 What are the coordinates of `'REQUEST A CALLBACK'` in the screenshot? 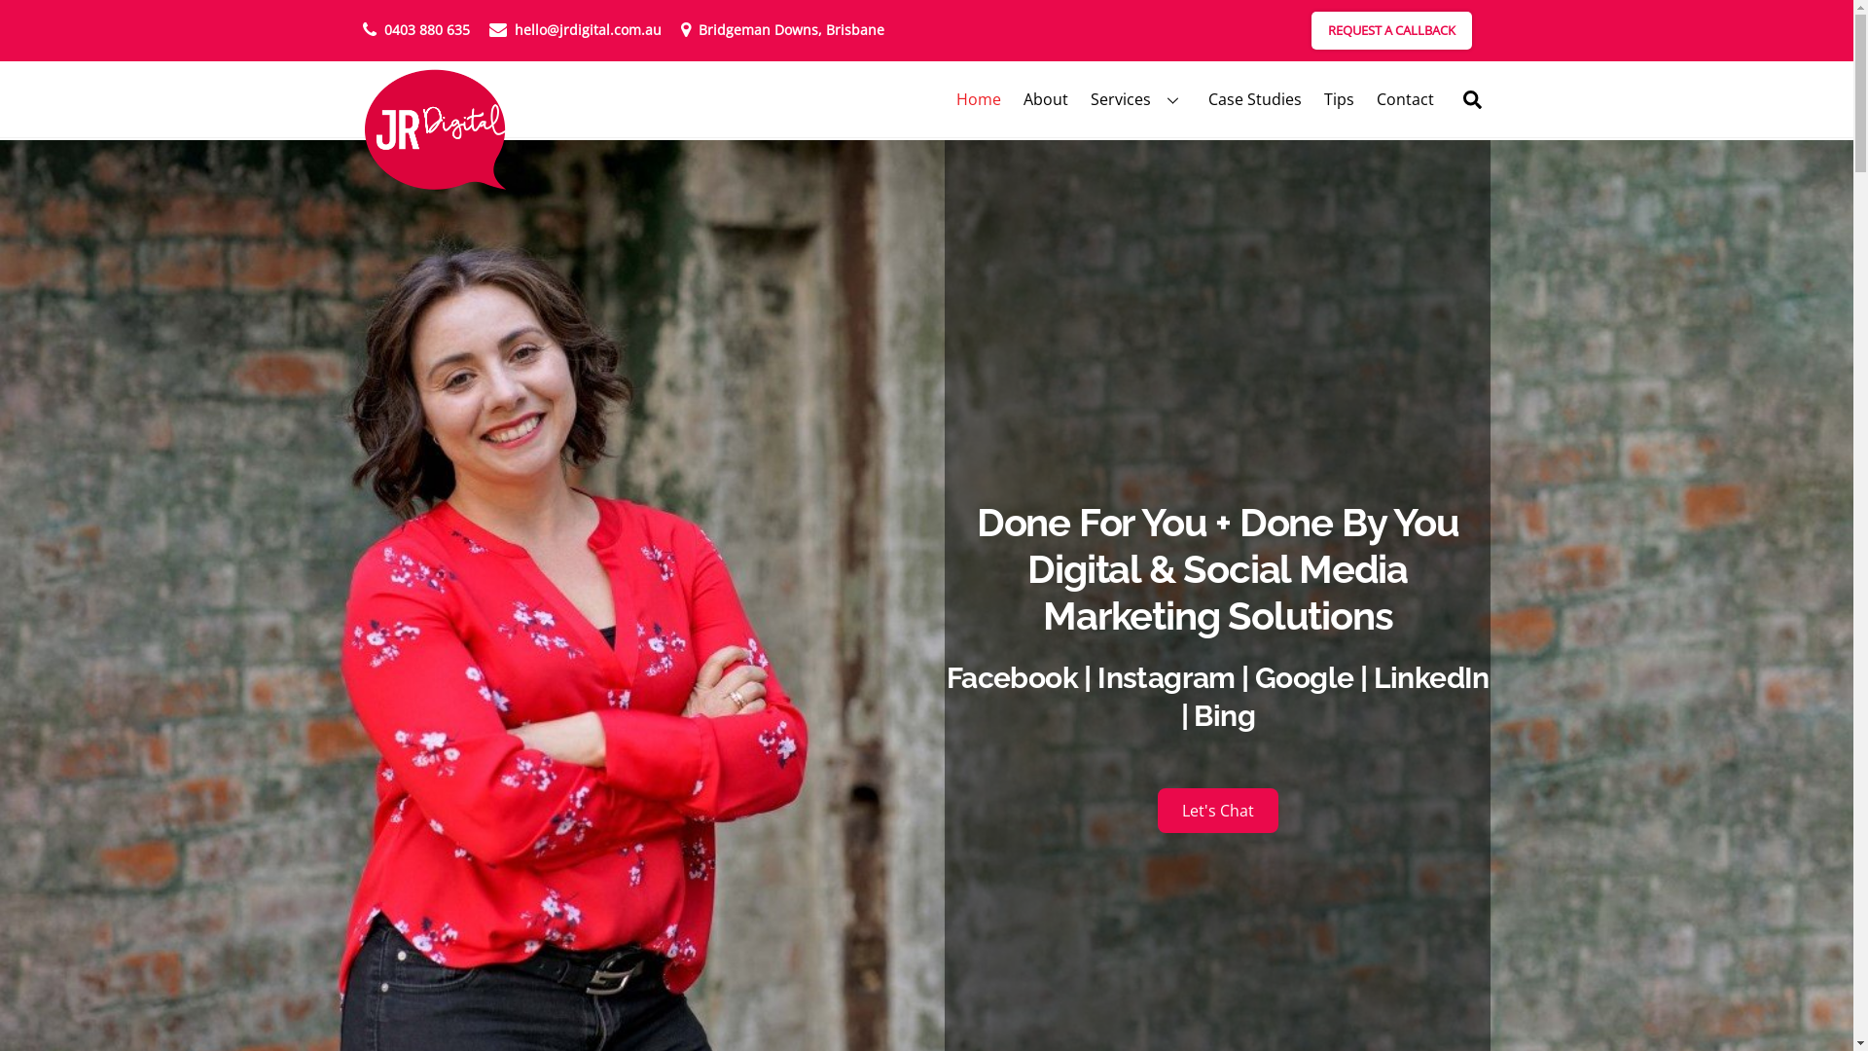 It's located at (1390, 29).